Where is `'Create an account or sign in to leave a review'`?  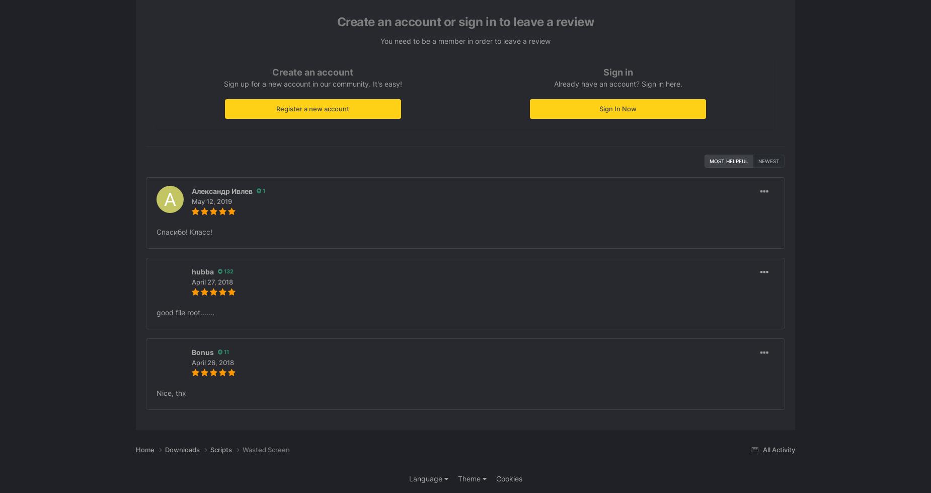 'Create an account or sign in to leave a review' is located at coordinates (465, 22).